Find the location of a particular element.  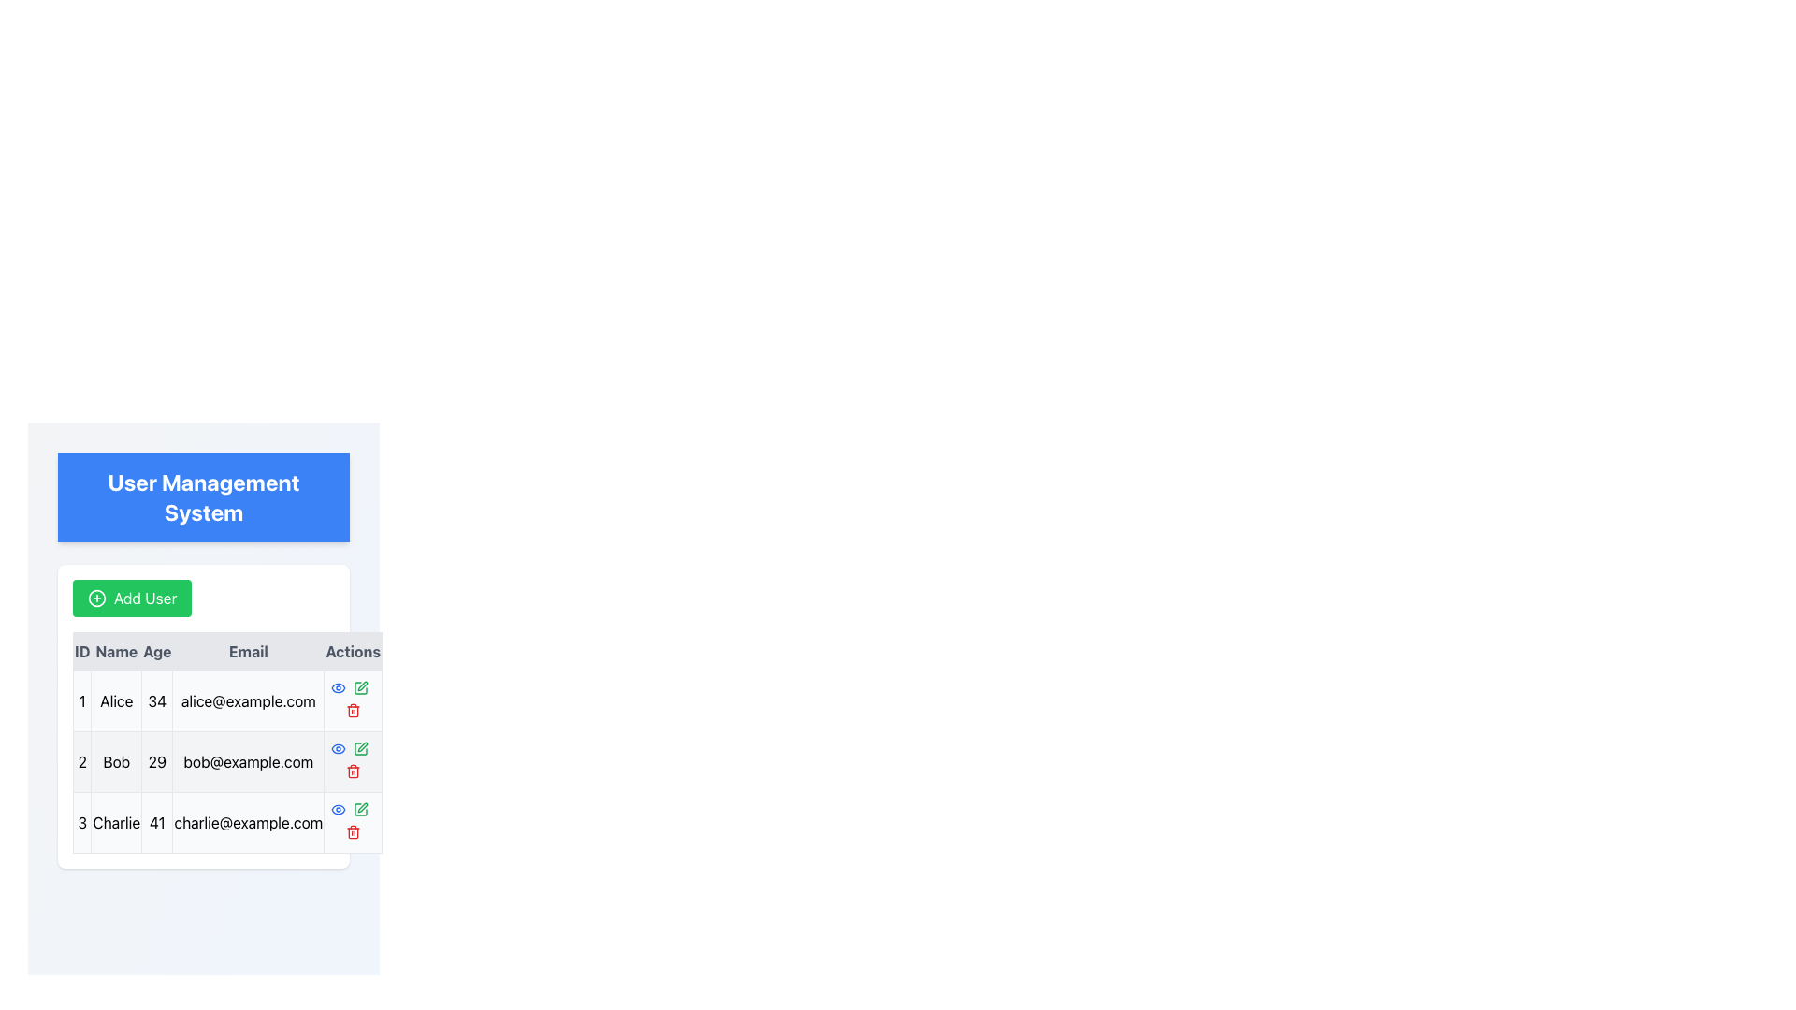

the text label displaying the email address associated with the user named 'Charlie' in the Email column of the data table, located in the third row is located at coordinates (247, 821).